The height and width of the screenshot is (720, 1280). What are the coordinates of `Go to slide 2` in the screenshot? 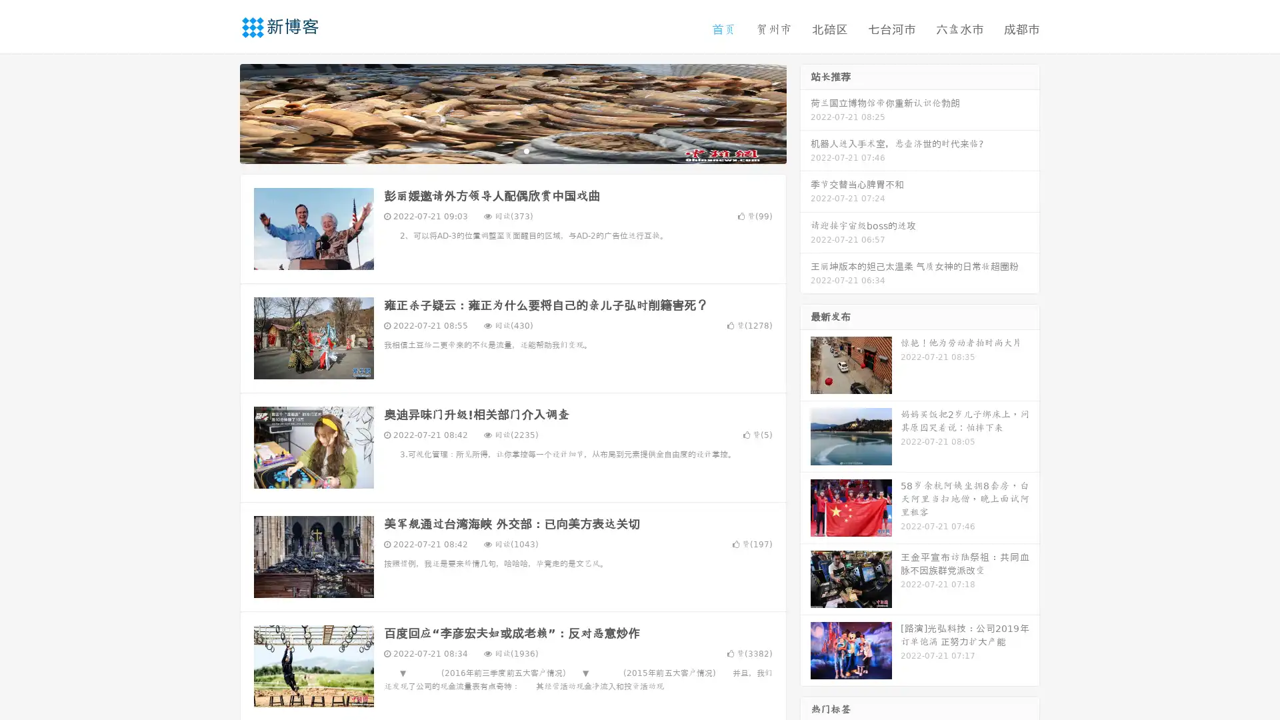 It's located at (512, 150).